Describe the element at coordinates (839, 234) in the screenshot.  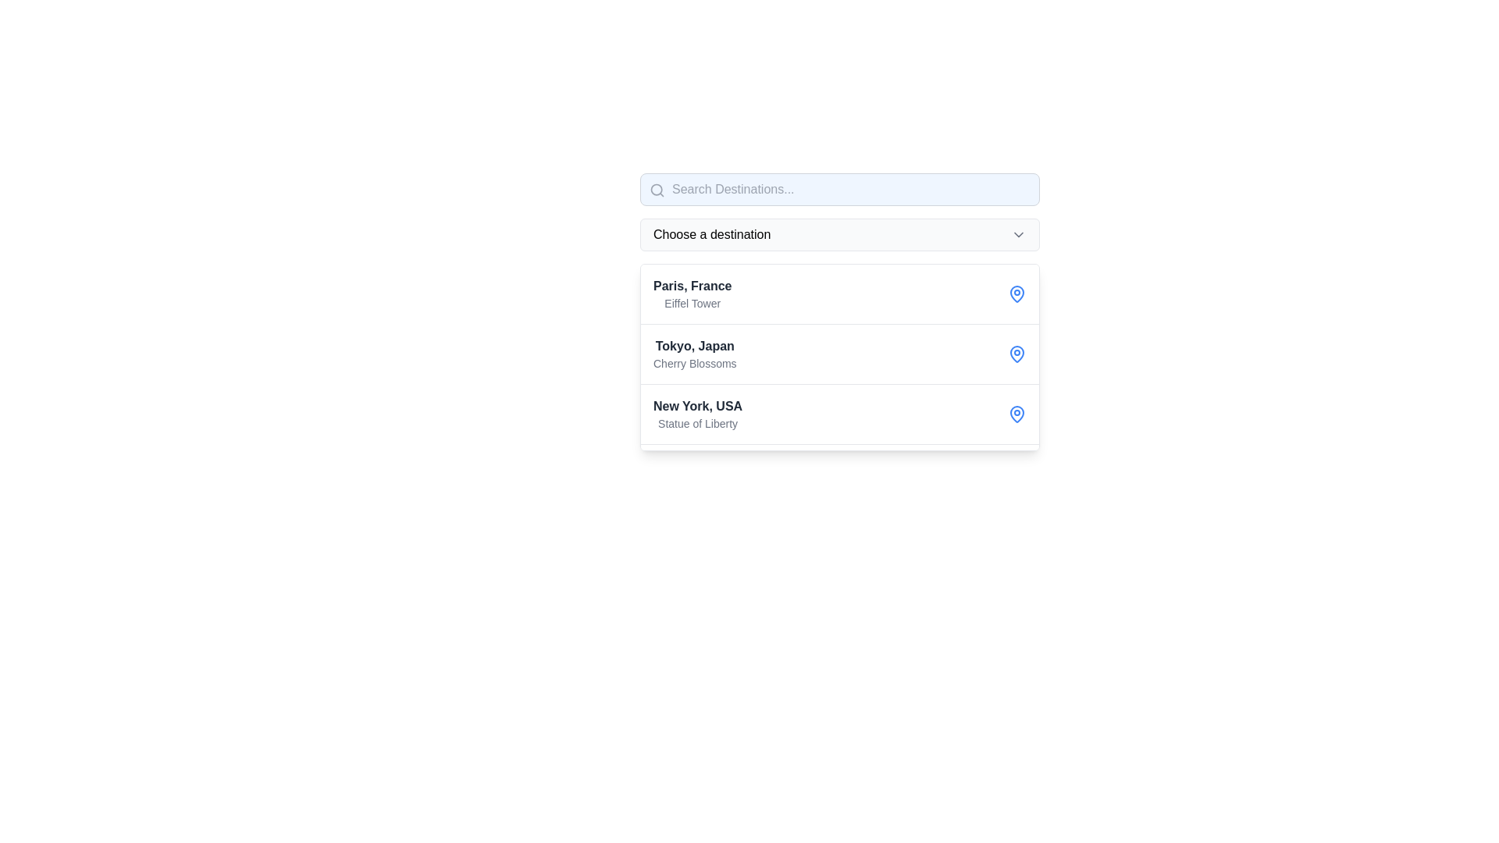
I see `the Dropdown button labeled 'Choose a destination' using the keyboard for accessibility purposes` at that location.